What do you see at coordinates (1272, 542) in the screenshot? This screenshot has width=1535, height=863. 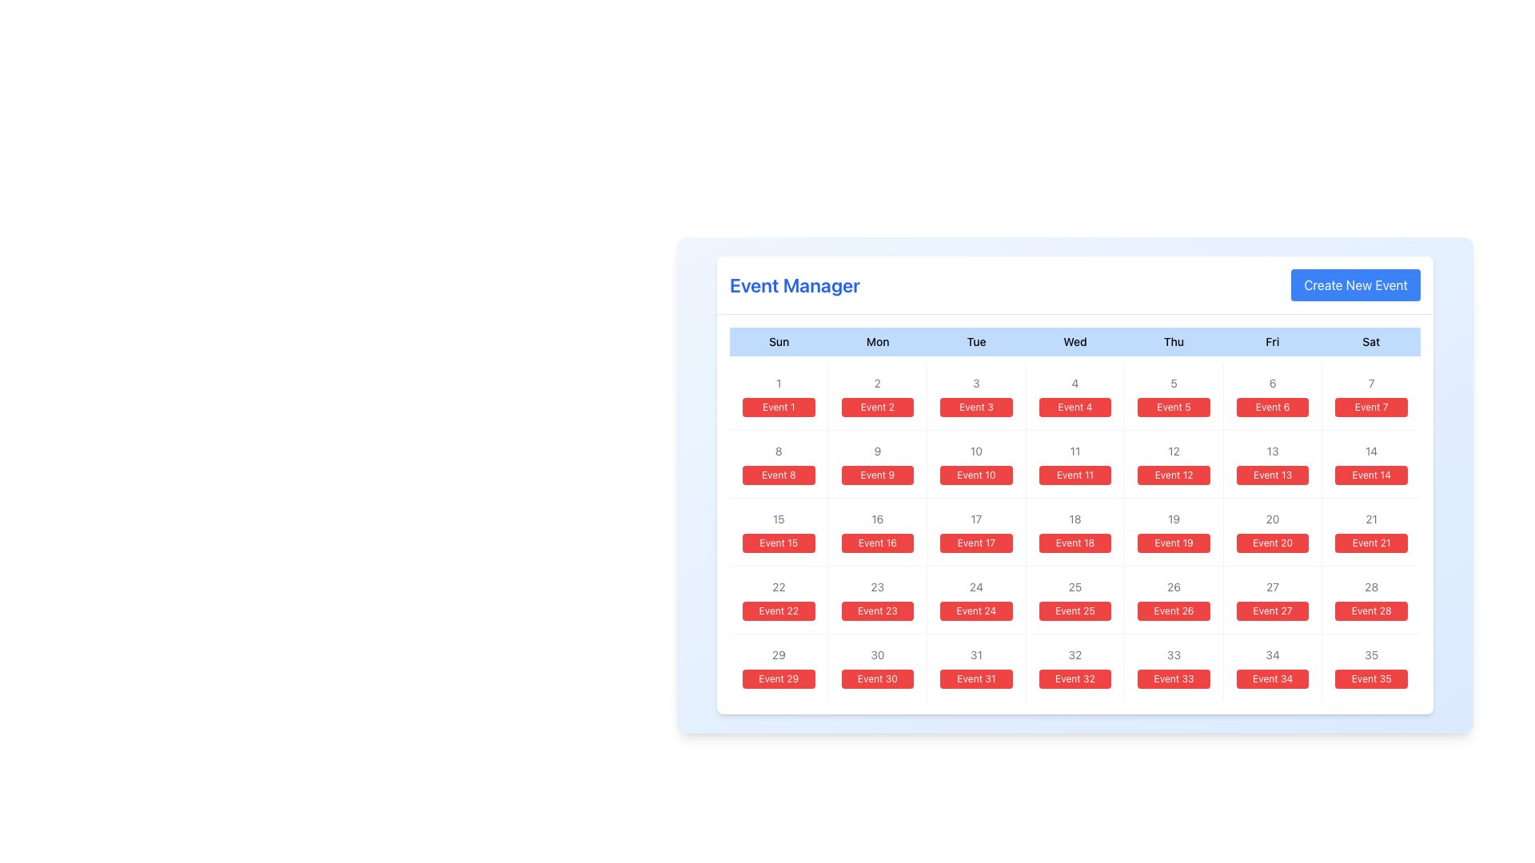 I see `the actionable button labeled 'Event 20' located in the calendar grid under the 'Fri' column on the 20th date` at bounding box center [1272, 542].